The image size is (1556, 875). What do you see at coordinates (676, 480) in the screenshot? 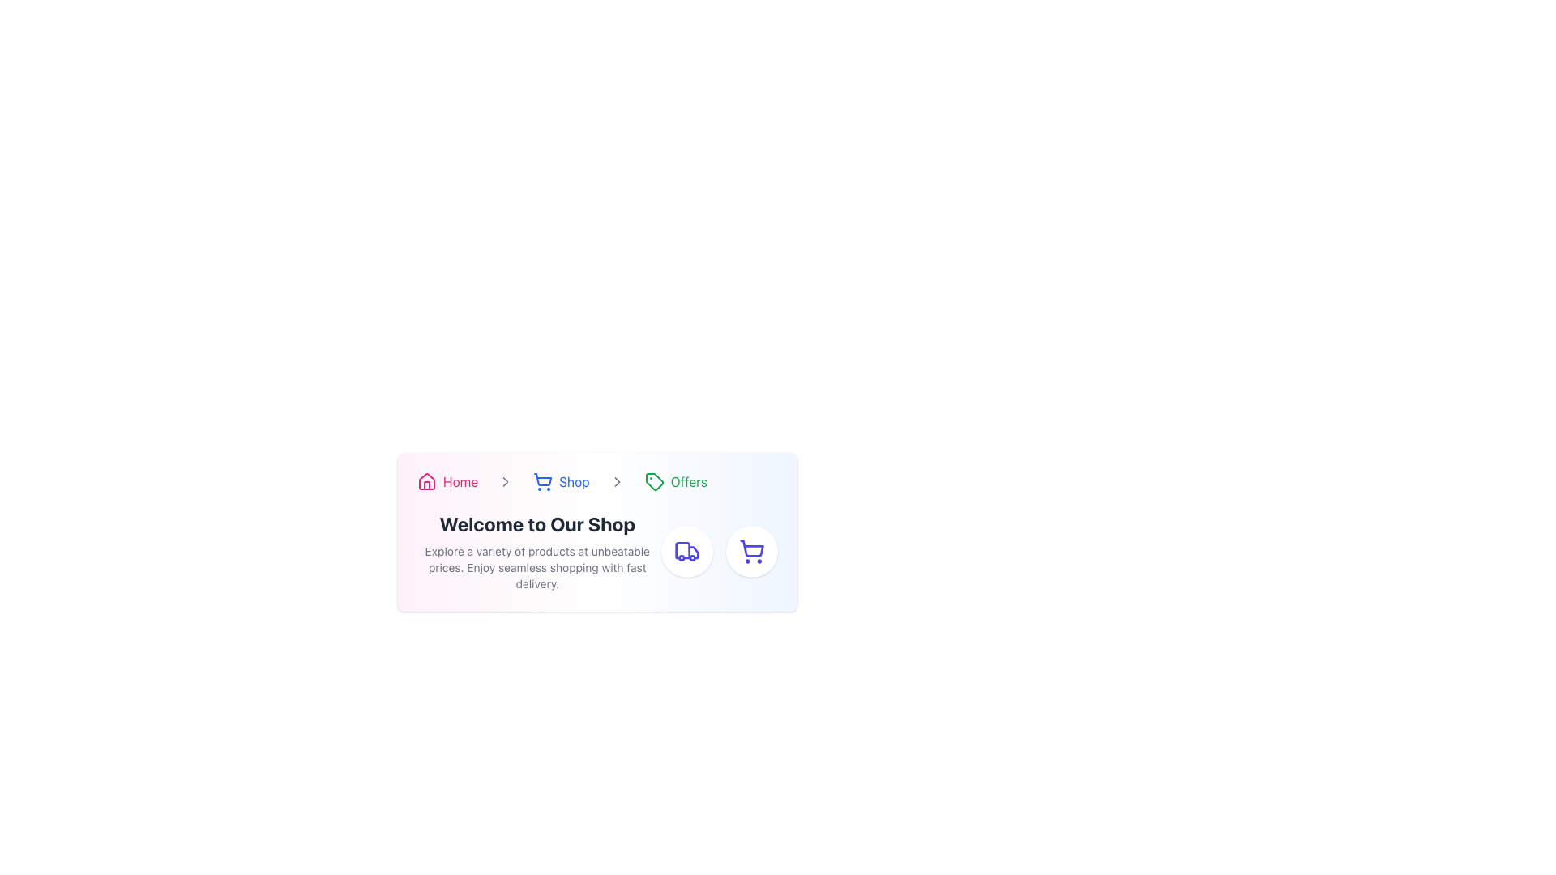
I see `the 'Offers' link with a price tag icon, which is the third item in the breadcrumb navigation, located near the top-left of the interface` at bounding box center [676, 480].